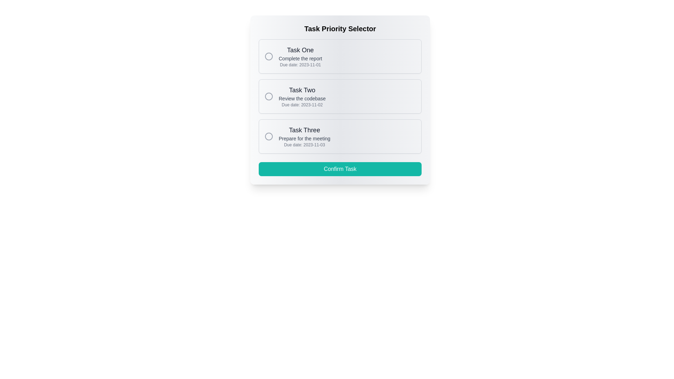  What do you see at coordinates (269, 56) in the screenshot?
I see `the radio button icon located to the left of the 'Task One' text` at bounding box center [269, 56].